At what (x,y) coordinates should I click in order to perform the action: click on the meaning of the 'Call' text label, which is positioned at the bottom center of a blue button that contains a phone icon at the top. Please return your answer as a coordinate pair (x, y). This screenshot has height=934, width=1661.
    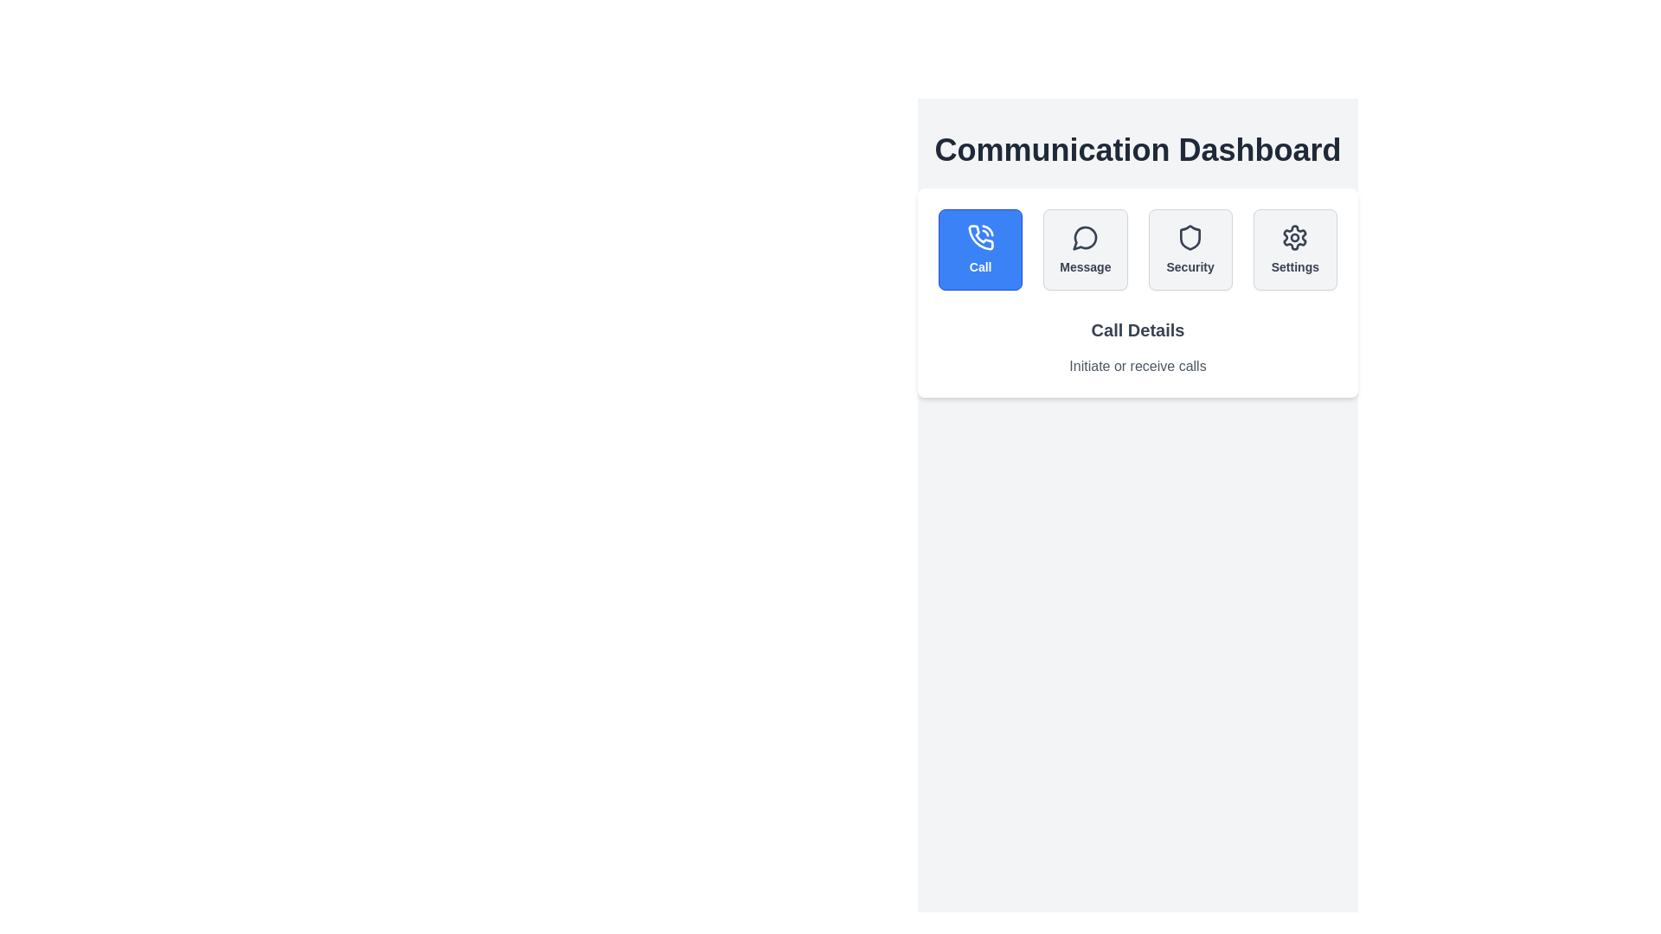
    Looking at the image, I should click on (980, 266).